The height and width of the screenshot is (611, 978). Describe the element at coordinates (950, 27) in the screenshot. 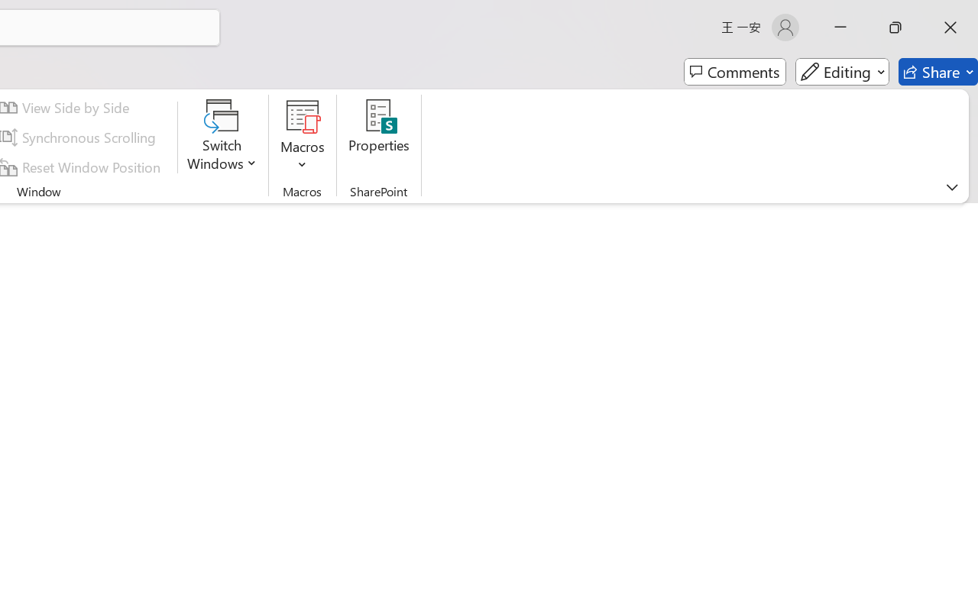

I see `'Close'` at that location.